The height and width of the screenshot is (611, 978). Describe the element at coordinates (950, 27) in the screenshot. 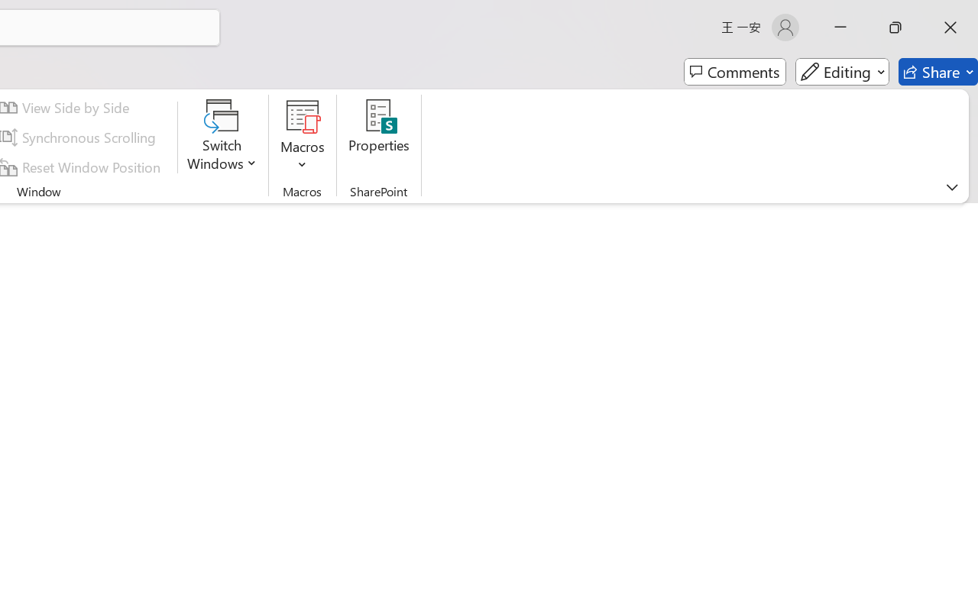

I see `'Close'` at that location.